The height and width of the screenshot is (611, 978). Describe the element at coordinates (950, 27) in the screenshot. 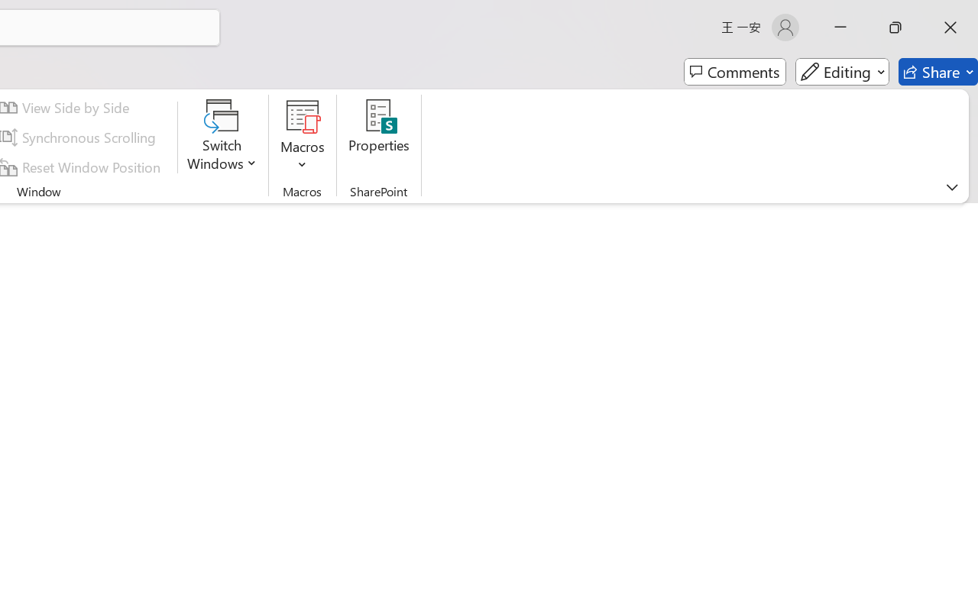

I see `'Close'` at that location.